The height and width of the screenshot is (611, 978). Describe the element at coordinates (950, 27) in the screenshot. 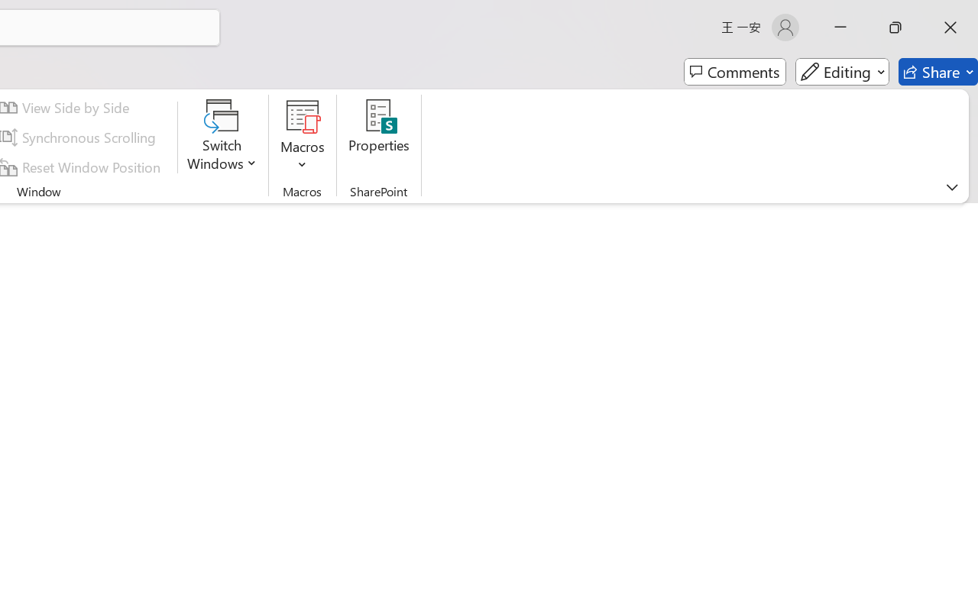

I see `'Close'` at that location.